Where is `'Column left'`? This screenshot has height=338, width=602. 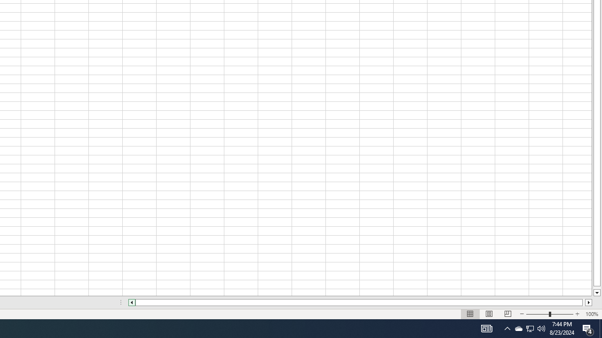
'Column left' is located at coordinates (131, 302).